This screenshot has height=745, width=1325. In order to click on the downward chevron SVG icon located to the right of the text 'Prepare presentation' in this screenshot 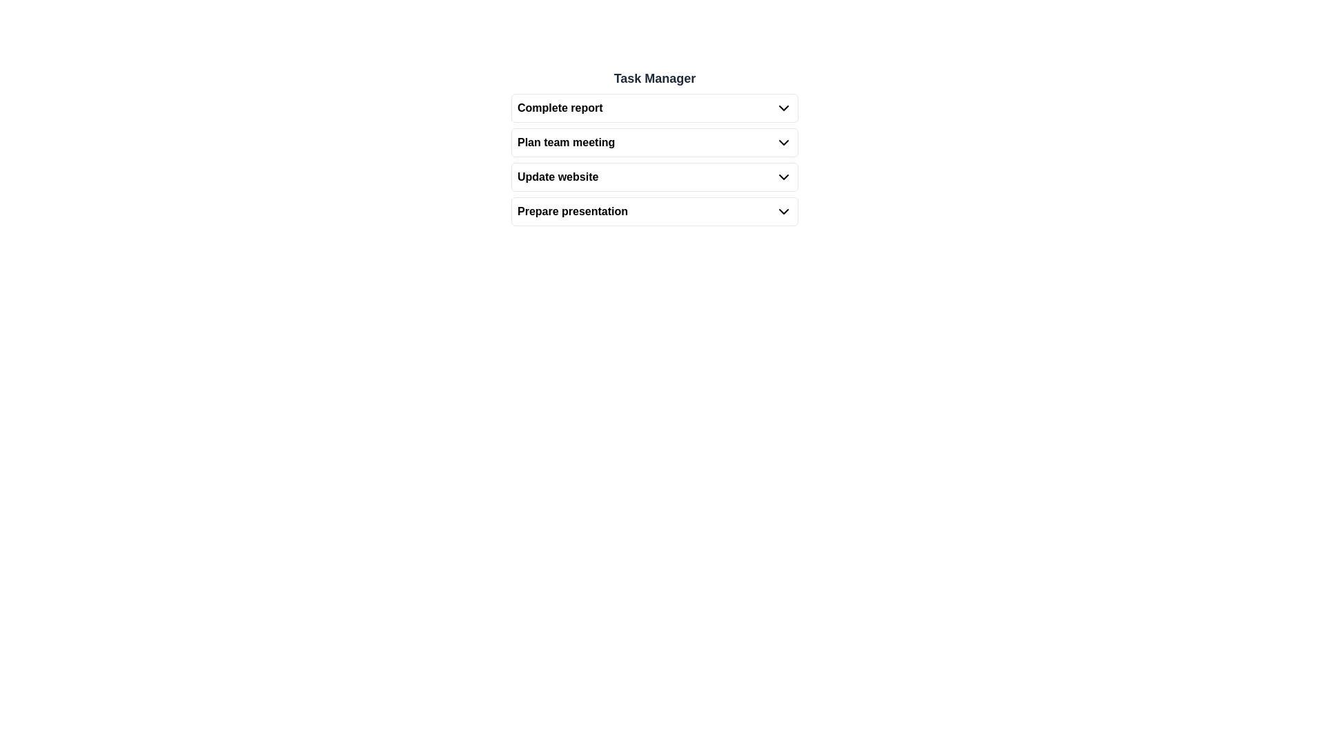, I will do `click(784, 212)`.